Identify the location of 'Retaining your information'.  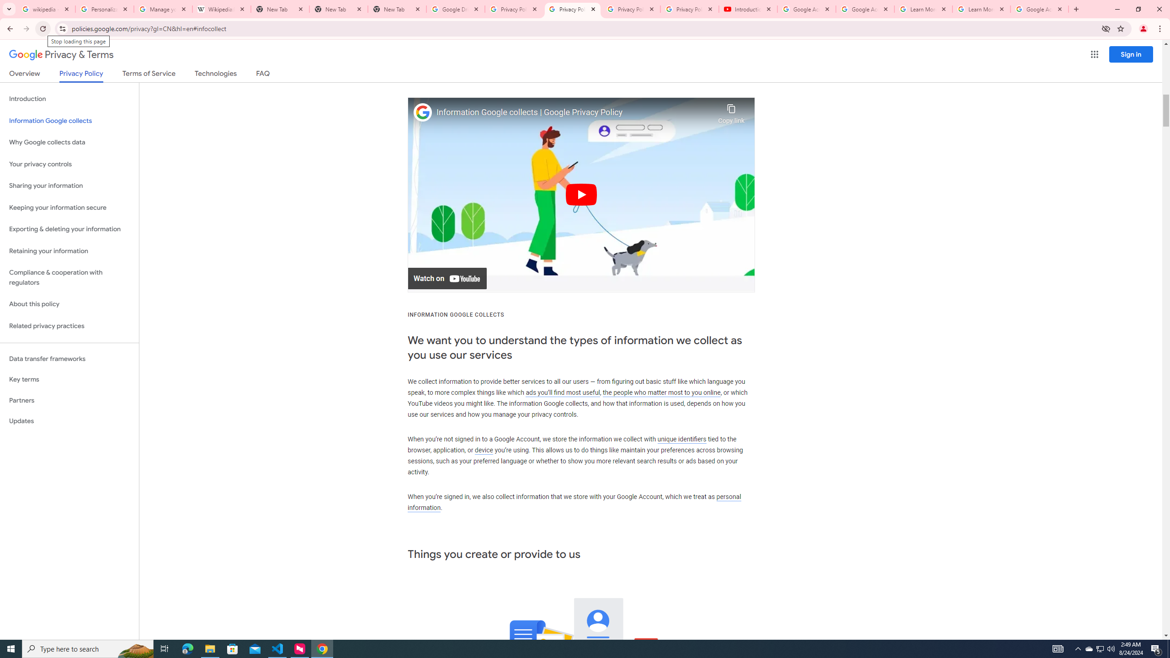
(69, 251).